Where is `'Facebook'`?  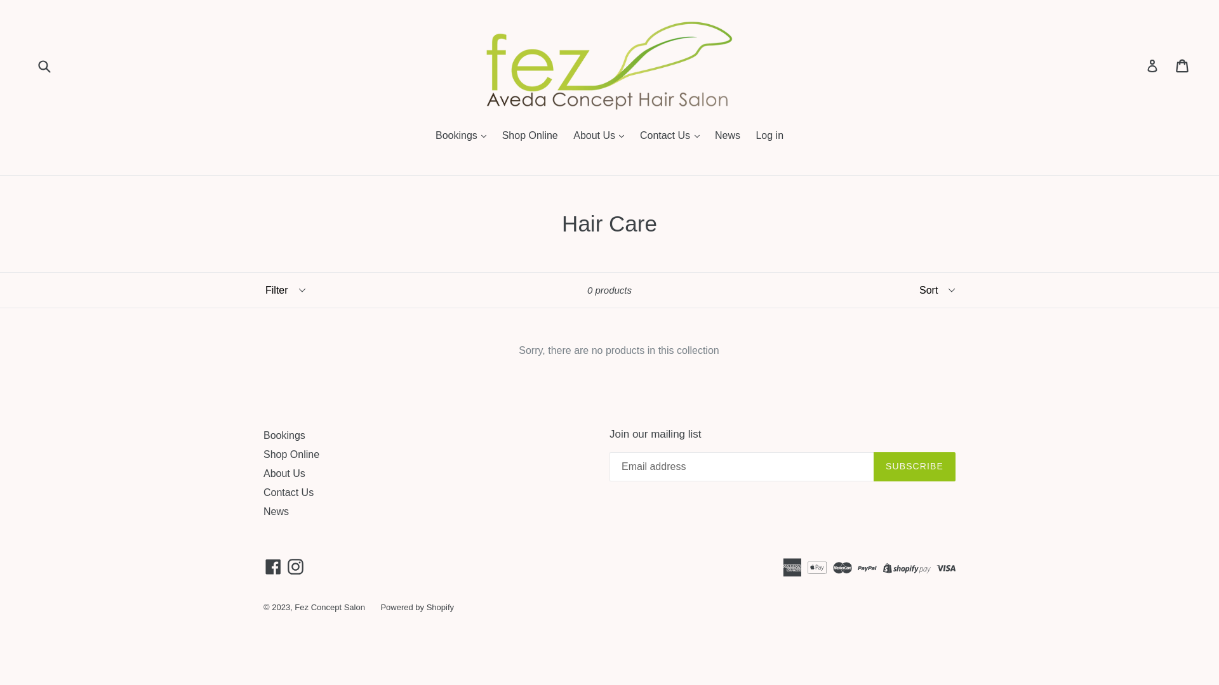
'Facebook' is located at coordinates (272, 566).